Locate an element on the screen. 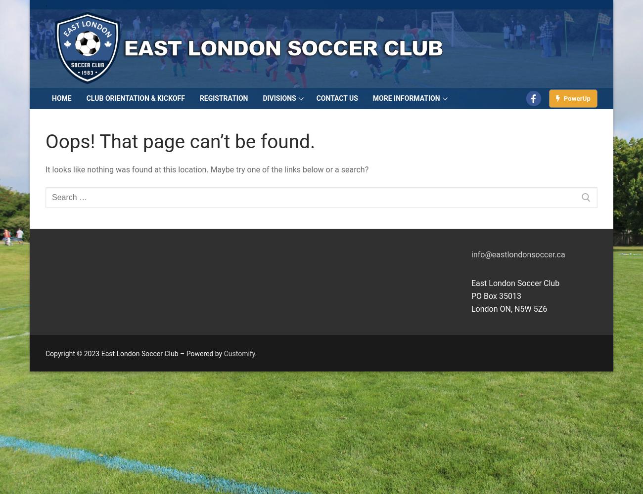  'Registration' is located at coordinates (223, 98).